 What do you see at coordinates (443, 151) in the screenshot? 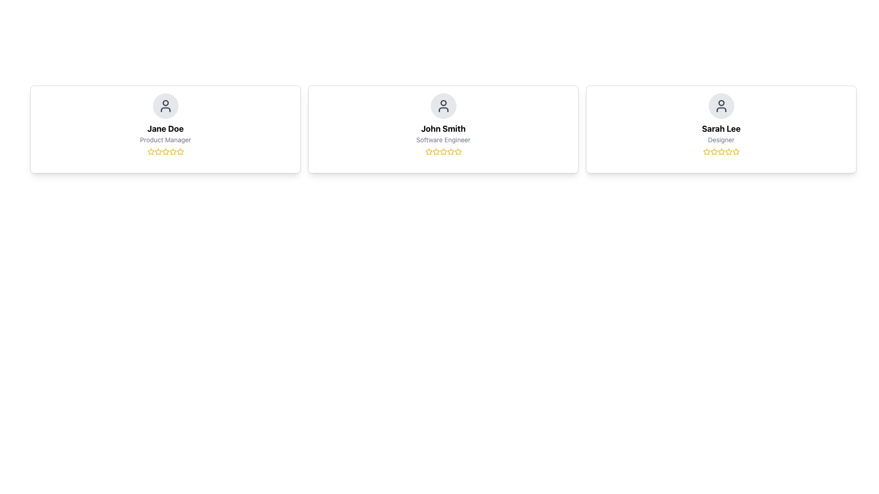
I see `the third star in the rating system under the 'John Smith' profile card` at bounding box center [443, 151].